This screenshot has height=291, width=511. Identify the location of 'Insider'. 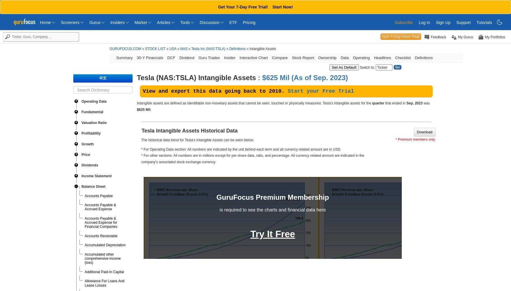
(229, 57).